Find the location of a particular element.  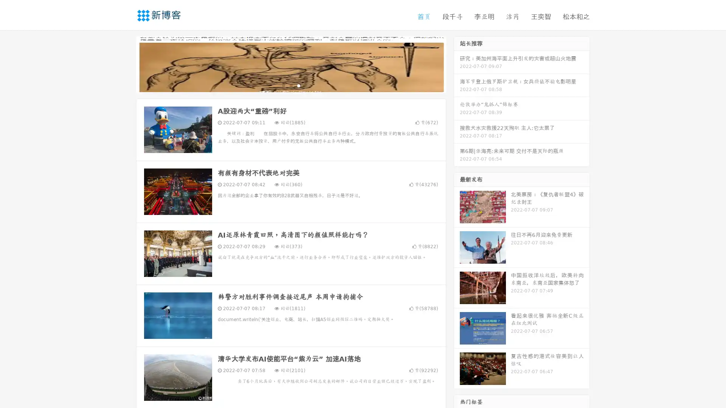

Go to slide 3 is located at coordinates (298, 85).